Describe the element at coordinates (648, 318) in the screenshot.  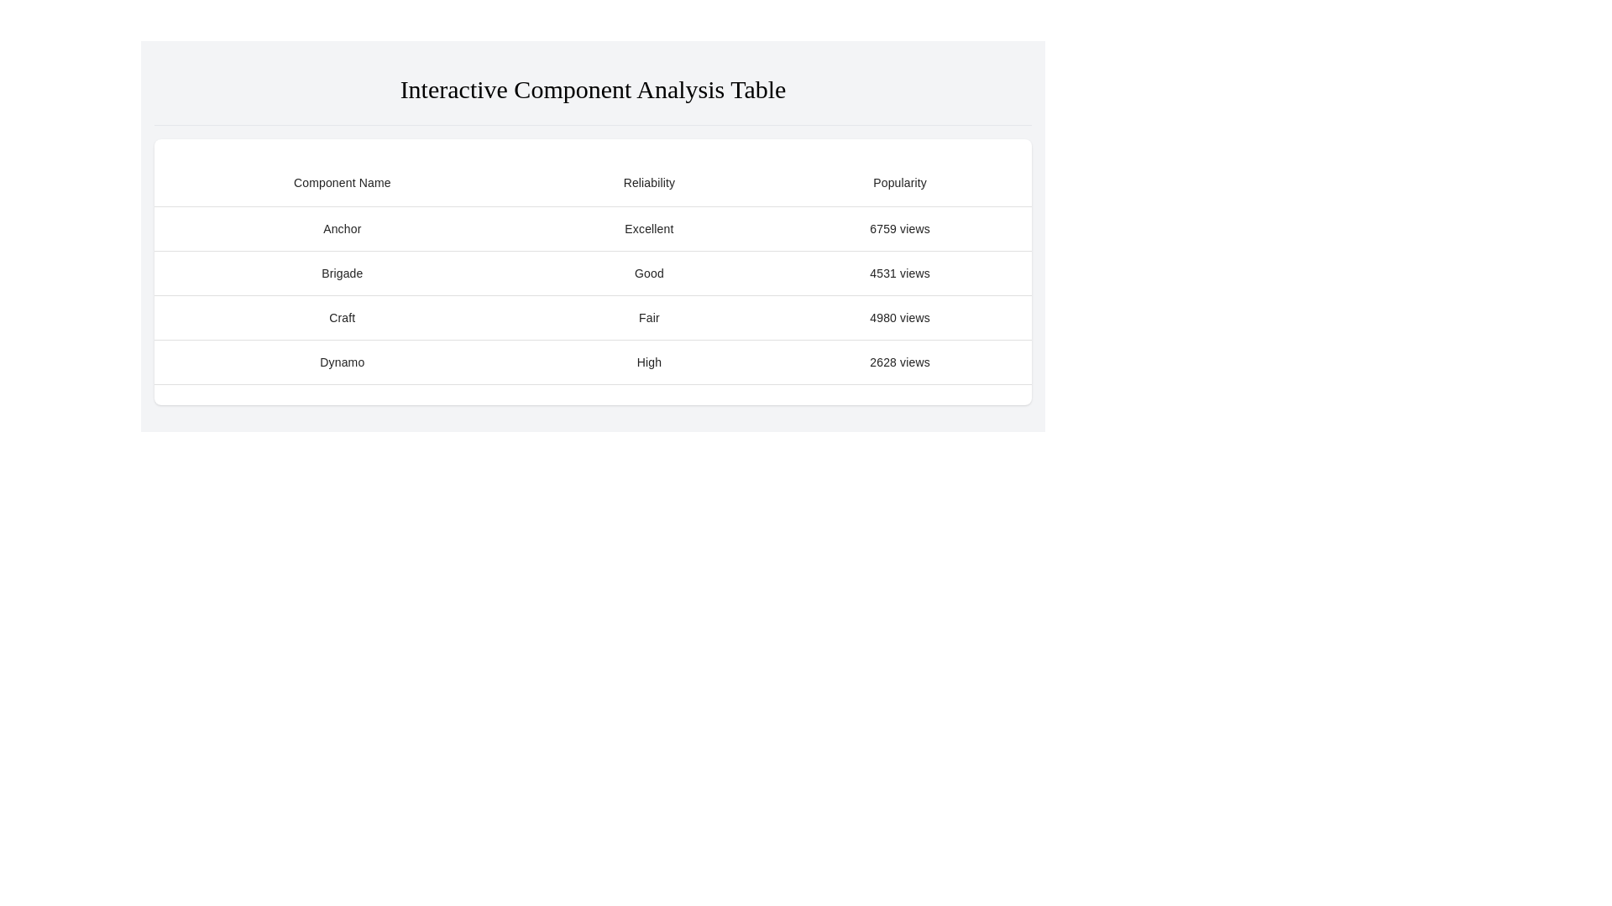
I see `the table cell containing the text 'Fair', which is centrally aligned in the second column of the row labeled 'Craft 4980 views'` at that location.